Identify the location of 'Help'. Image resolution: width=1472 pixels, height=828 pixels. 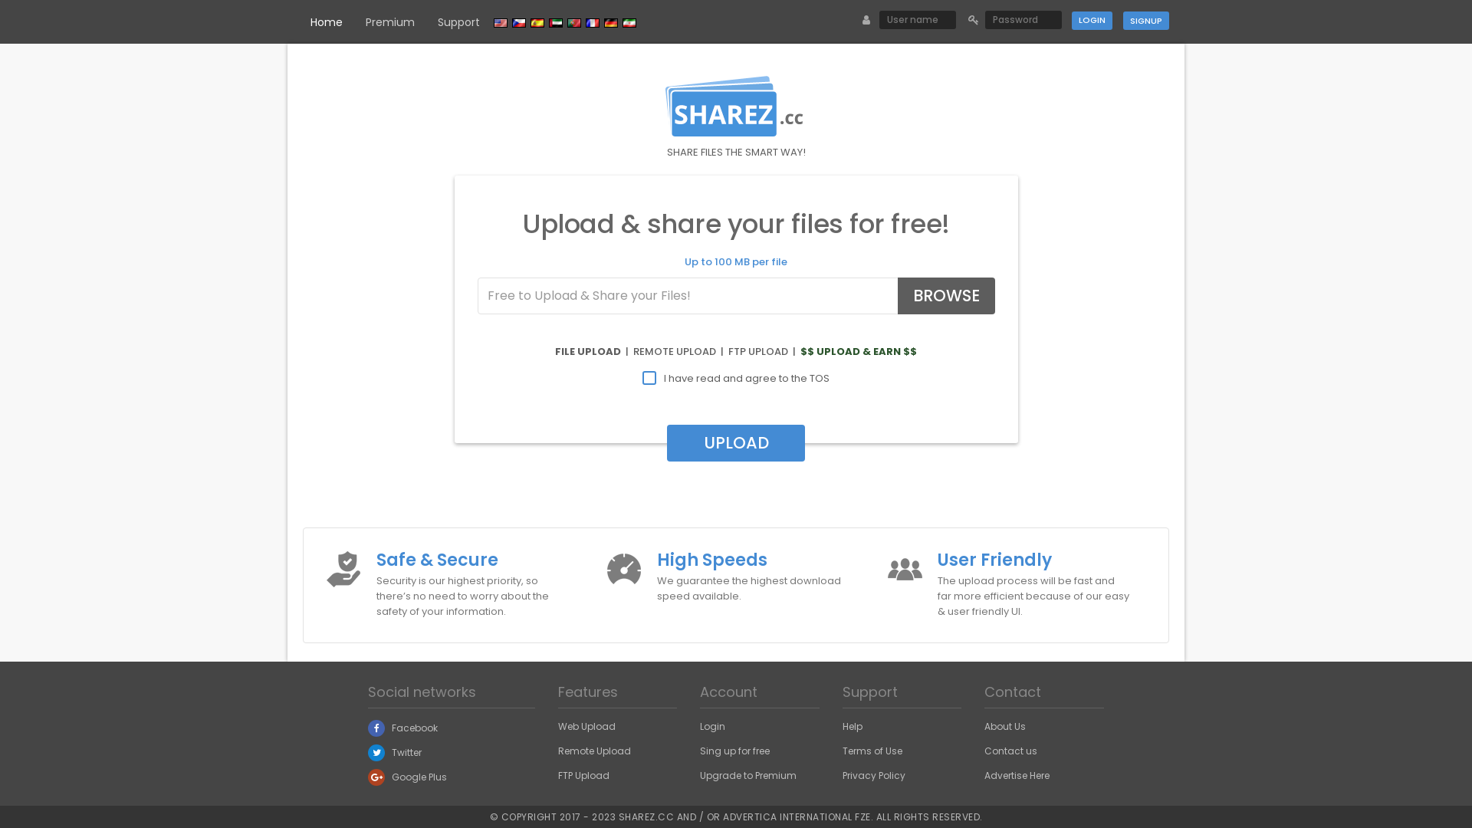
(852, 725).